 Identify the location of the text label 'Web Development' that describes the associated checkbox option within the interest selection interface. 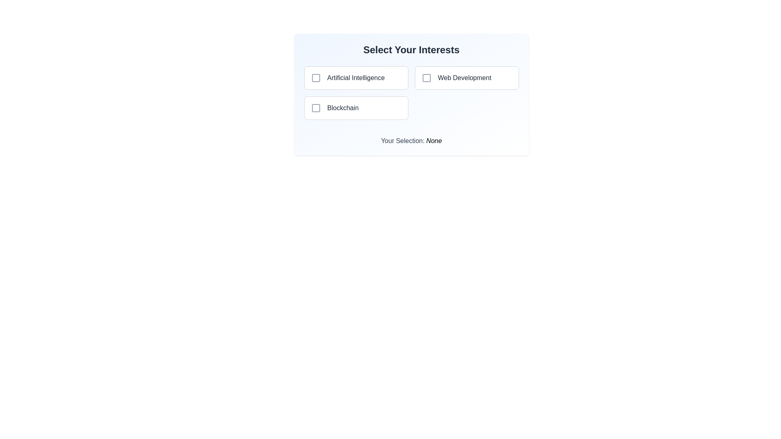
(465, 78).